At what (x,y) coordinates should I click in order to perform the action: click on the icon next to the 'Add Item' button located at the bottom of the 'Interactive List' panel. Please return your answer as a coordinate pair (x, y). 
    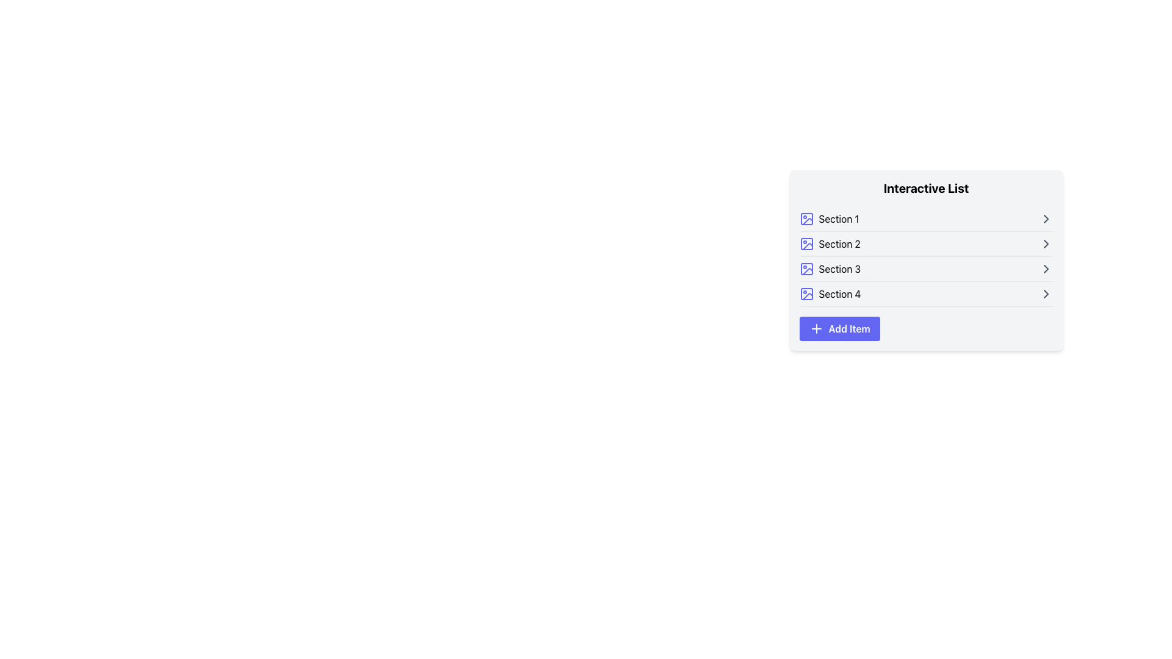
    Looking at the image, I should click on (816, 328).